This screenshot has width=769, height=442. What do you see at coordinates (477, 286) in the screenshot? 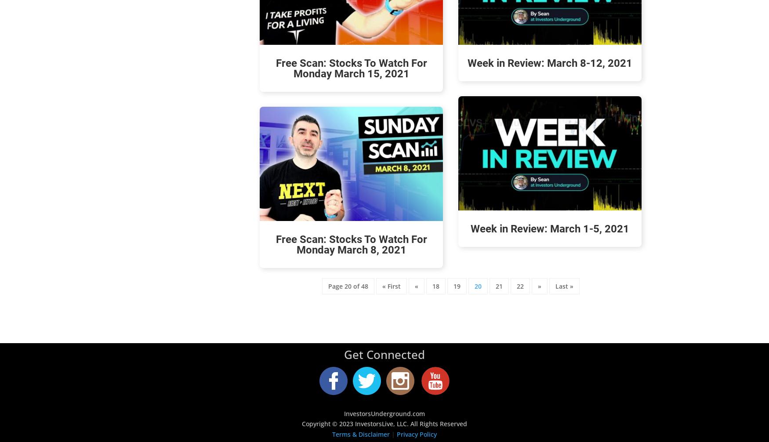
I see `'20'` at bounding box center [477, 286].